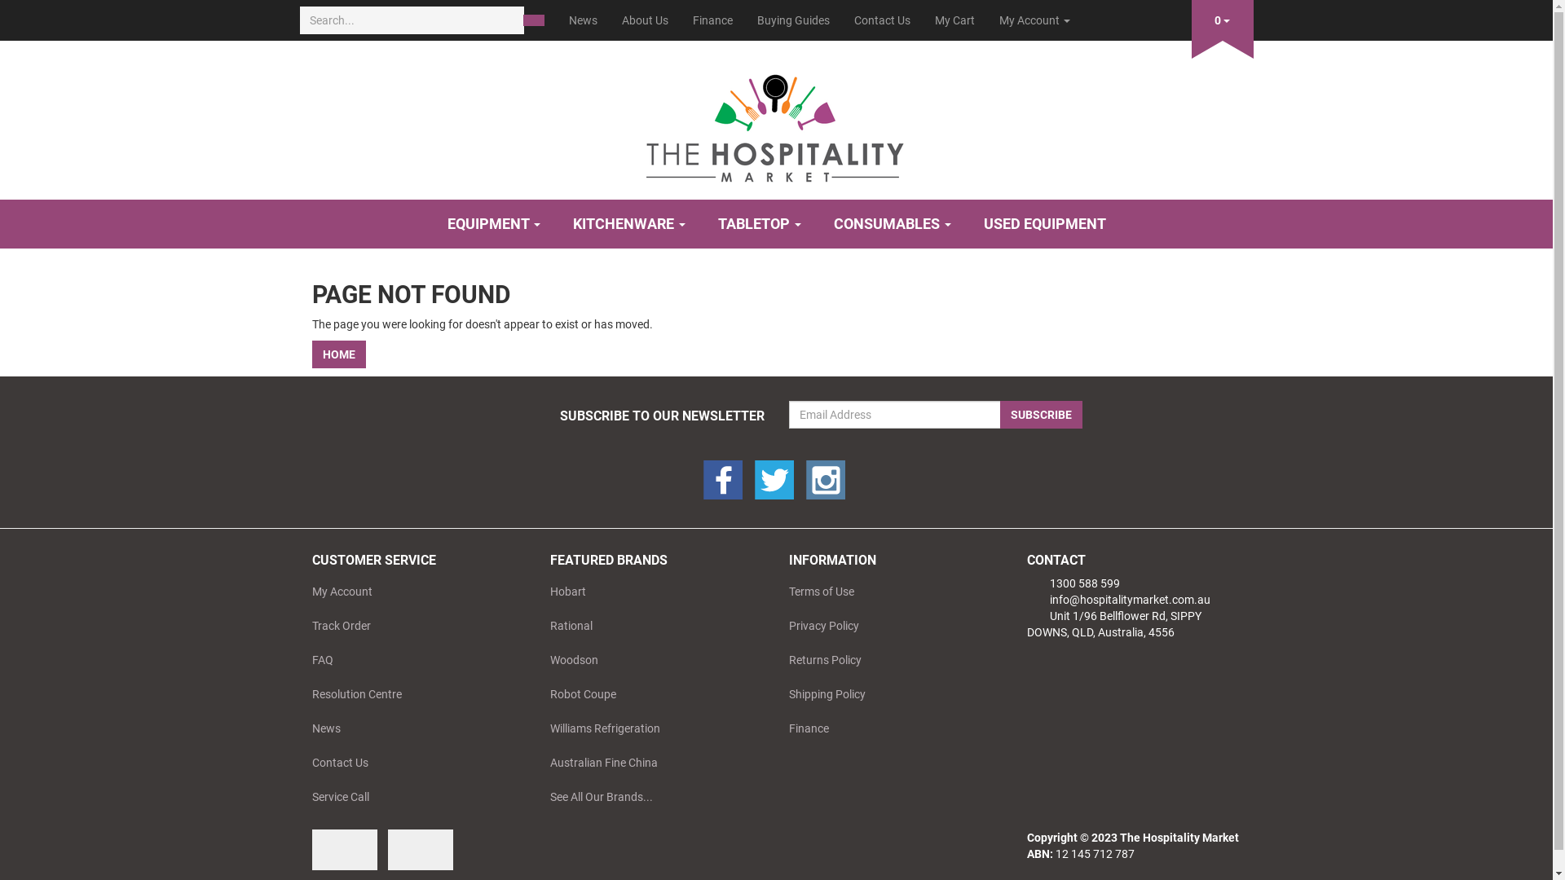 The width and height of the screenshot is (1565, 880). Describe the element at coordinates (888, 591) in the screenshot. I see `'Terms of Use'` at that location.